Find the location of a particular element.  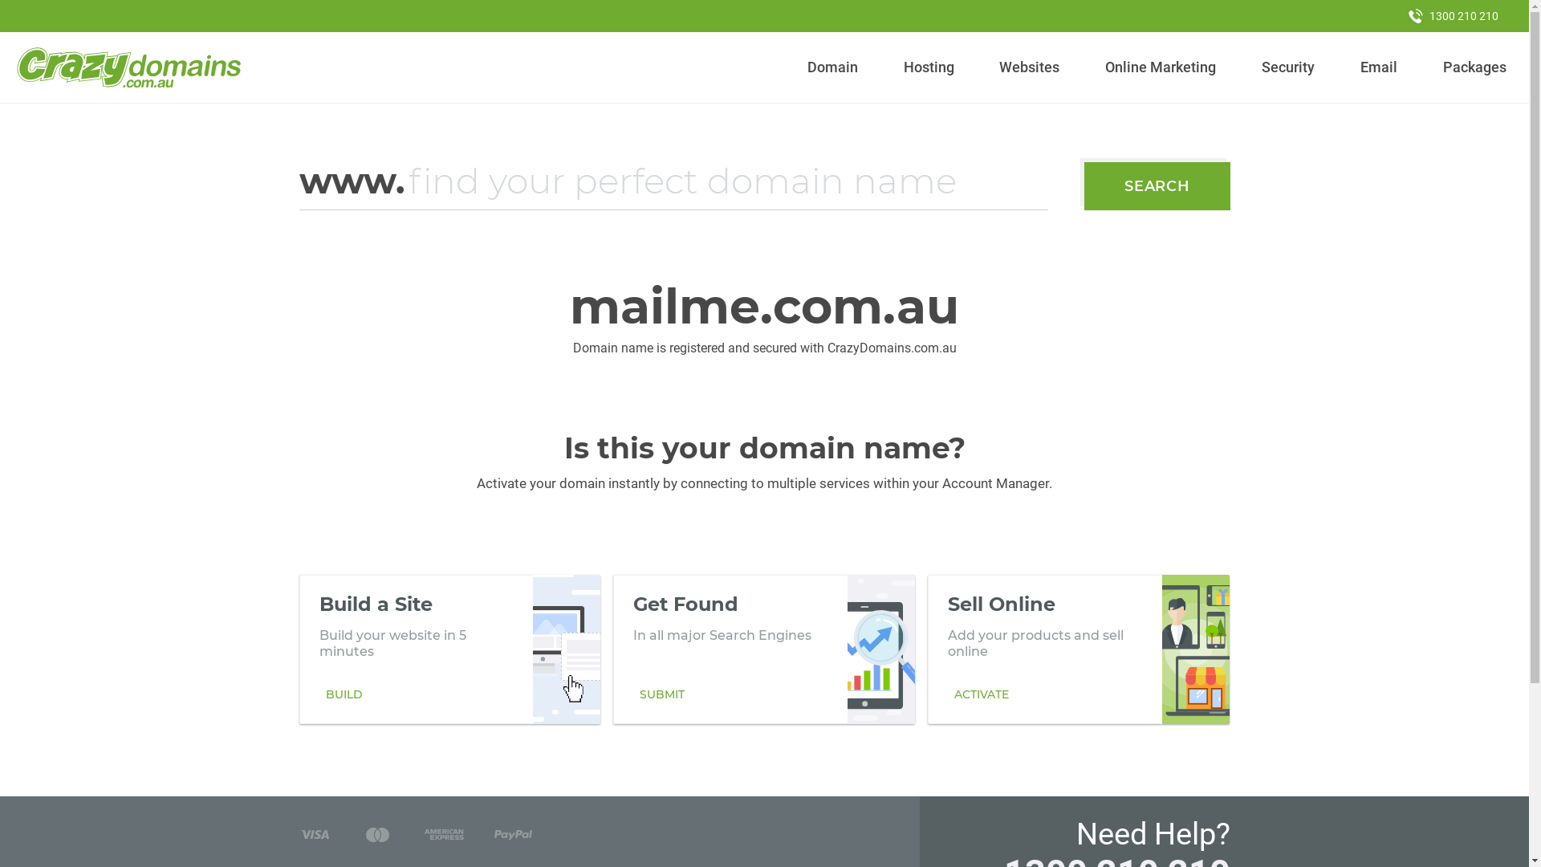

'Packages' is located at coordinates (1474, 67).